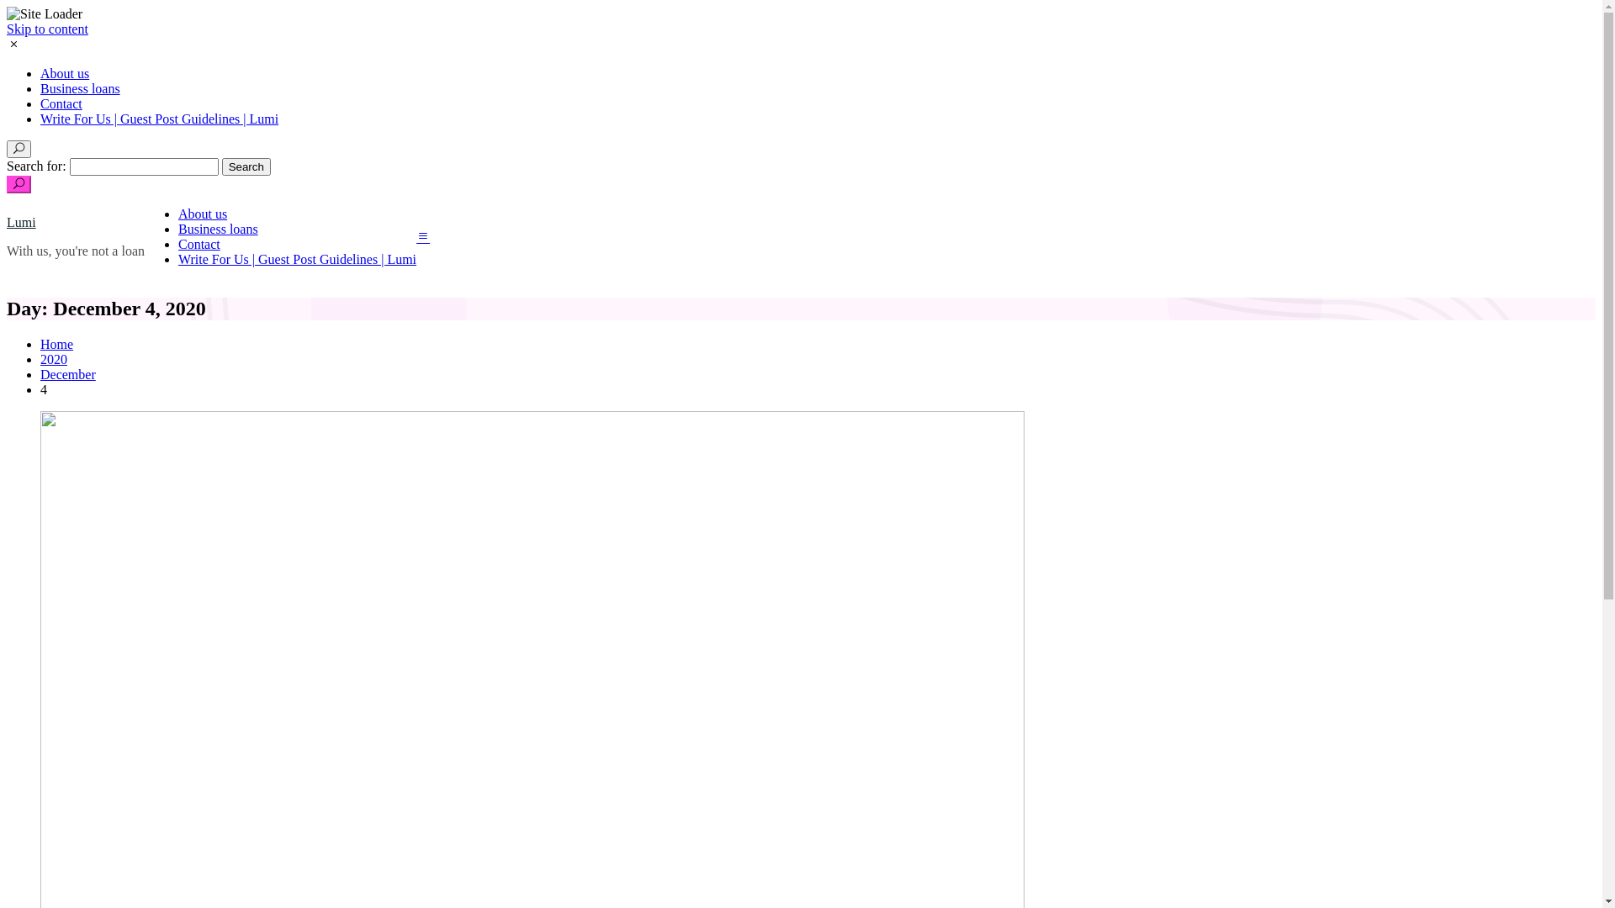  Describe the element at coordinates (61, 103) in the screenshot. I see `'Contact'` at that location.